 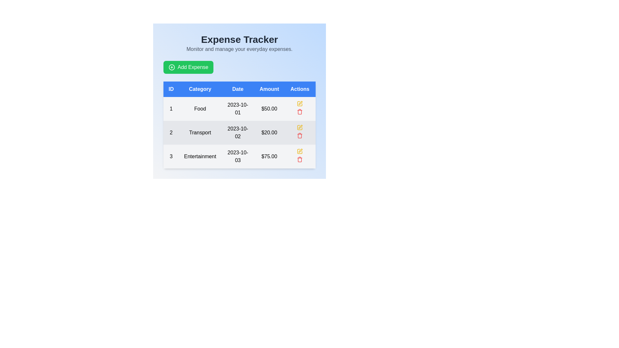 I want to click on the red trash can icon under the 'Actions' column in the second row of the table, so click(x=300, y=135).